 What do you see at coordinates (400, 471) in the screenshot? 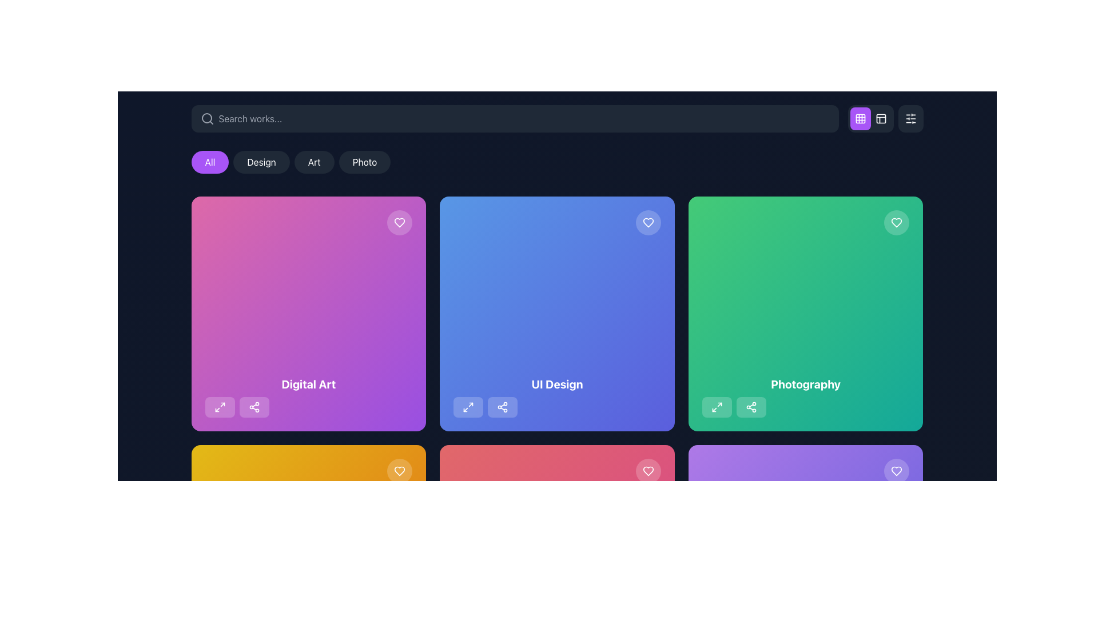
I see `the heart icon button located in the bottom-right corner of the orange card in the second row and first column of the grid layout to like the item` at bounding box center [400, 471].